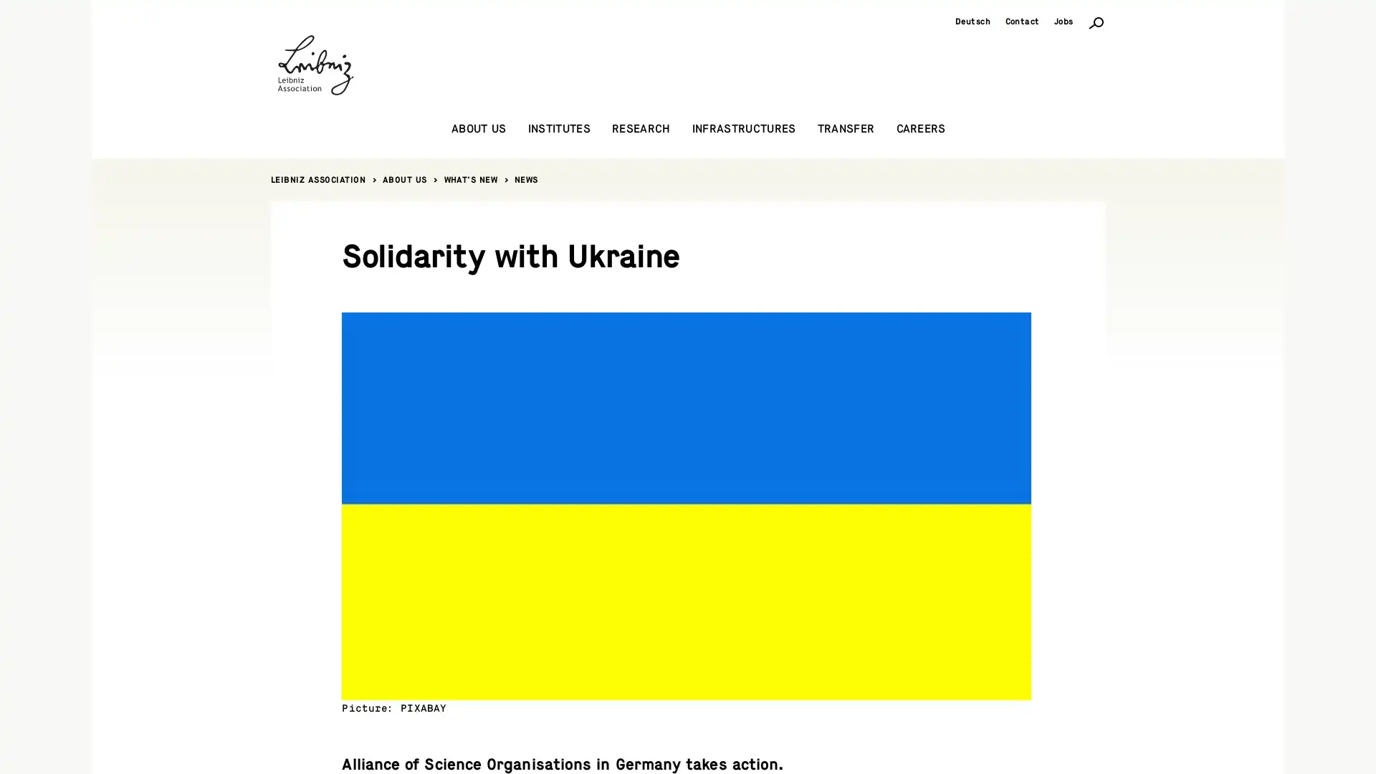 The image size is (1376, 774). What do you see at coordinates (1096, 21) in the screenshot?
I see `Suchefunktion Offnen` at bounding box center [1096, 21].